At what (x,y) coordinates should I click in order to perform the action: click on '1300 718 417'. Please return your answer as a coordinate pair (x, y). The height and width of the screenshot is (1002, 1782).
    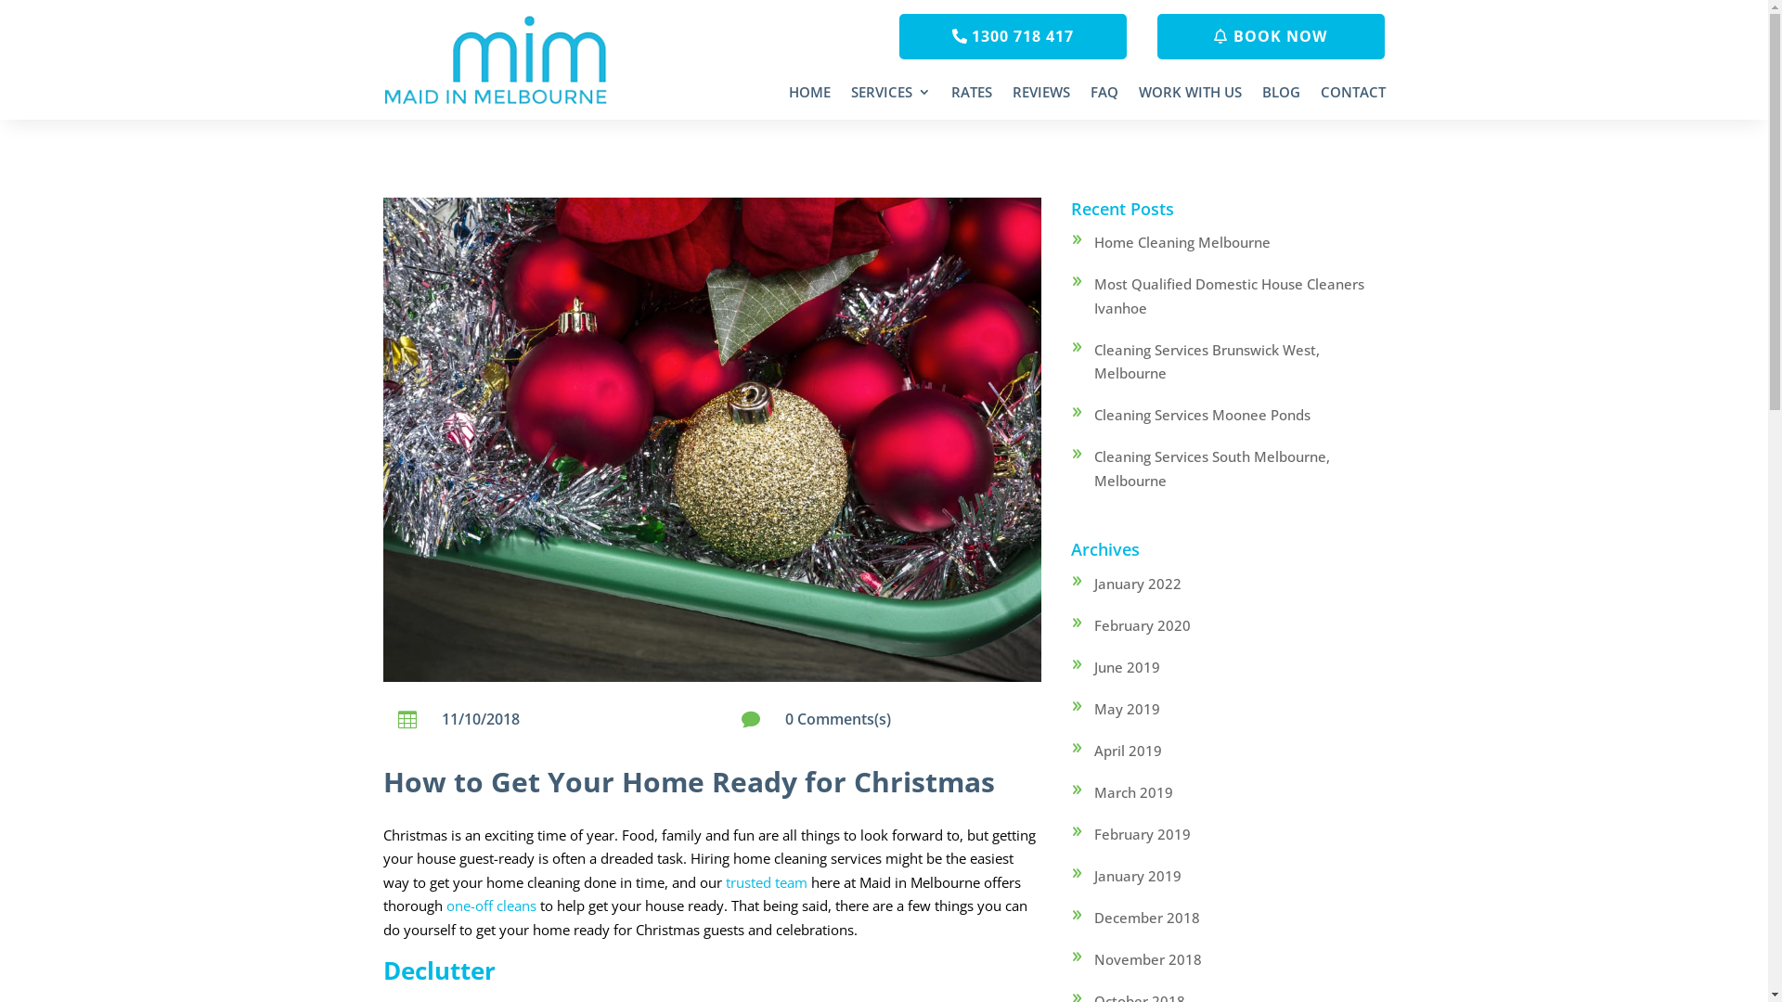
    Looking at the image, I should click on (1012, 36).